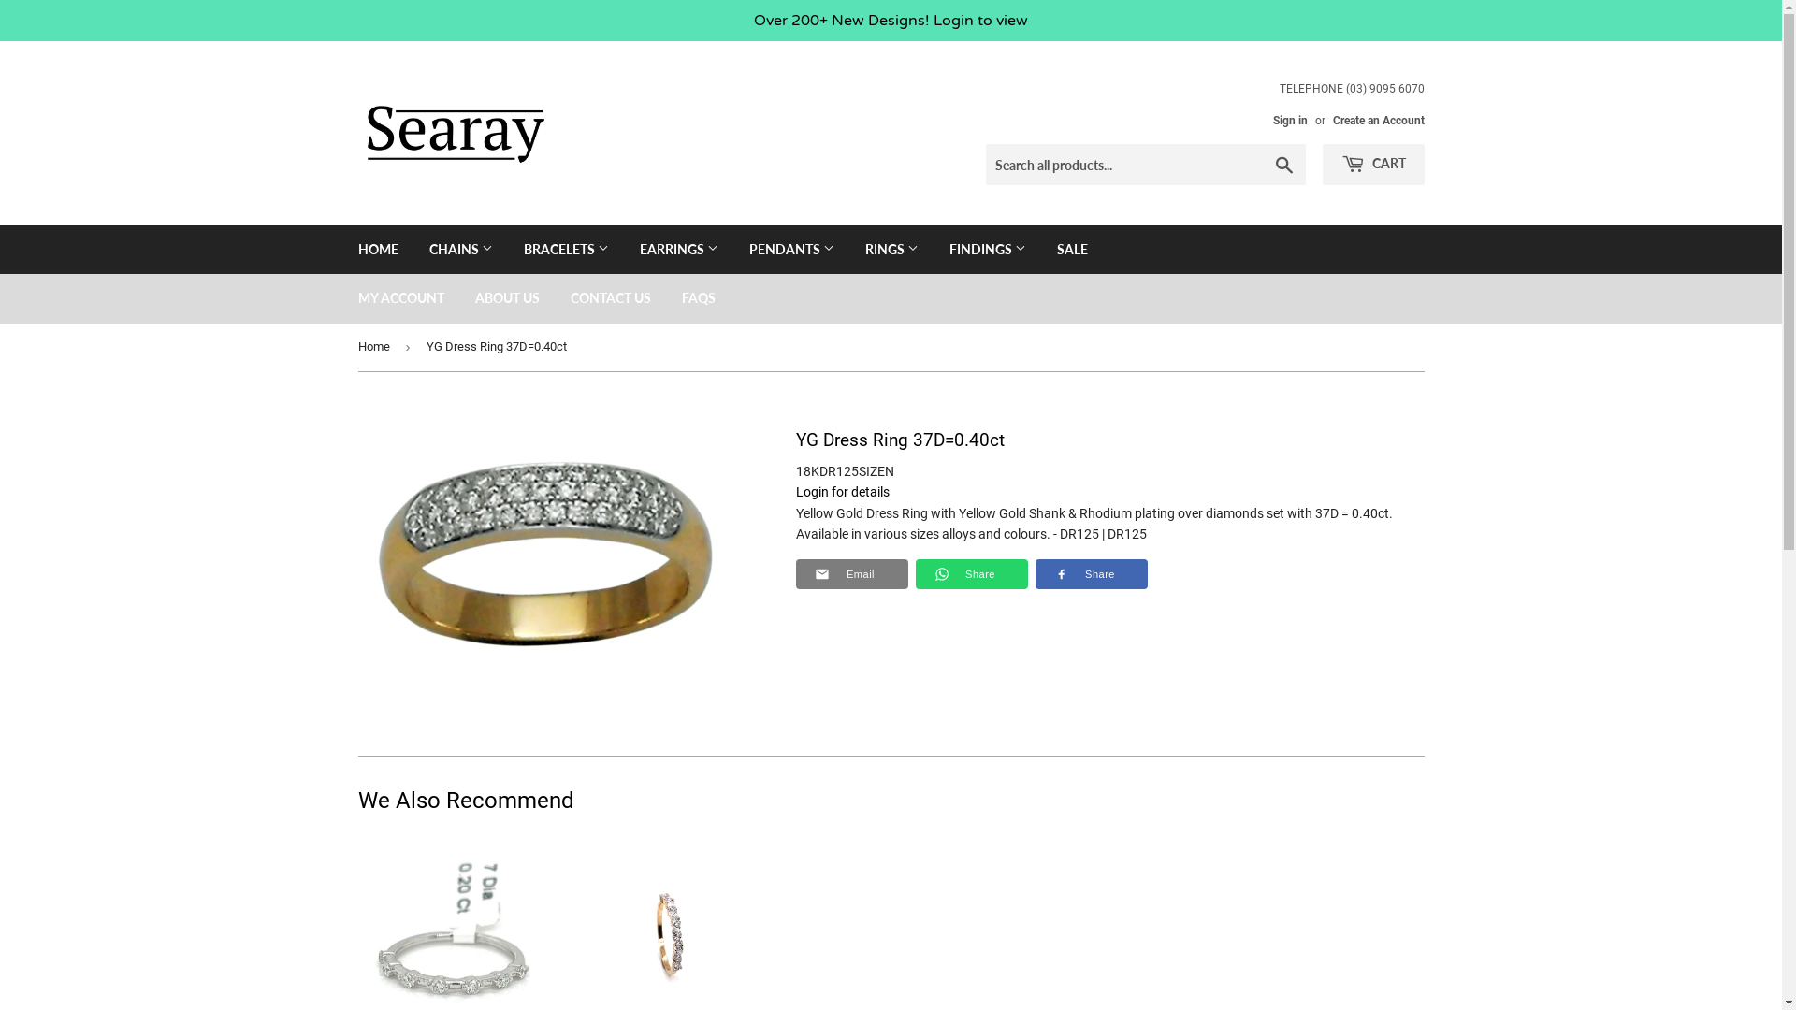 The height and width of the screenshot is (1010, 1796). What do you see at coordinates (1288, 120) in the screenshot?
I see `'Sign in'` at bounding box center [1288, 120].